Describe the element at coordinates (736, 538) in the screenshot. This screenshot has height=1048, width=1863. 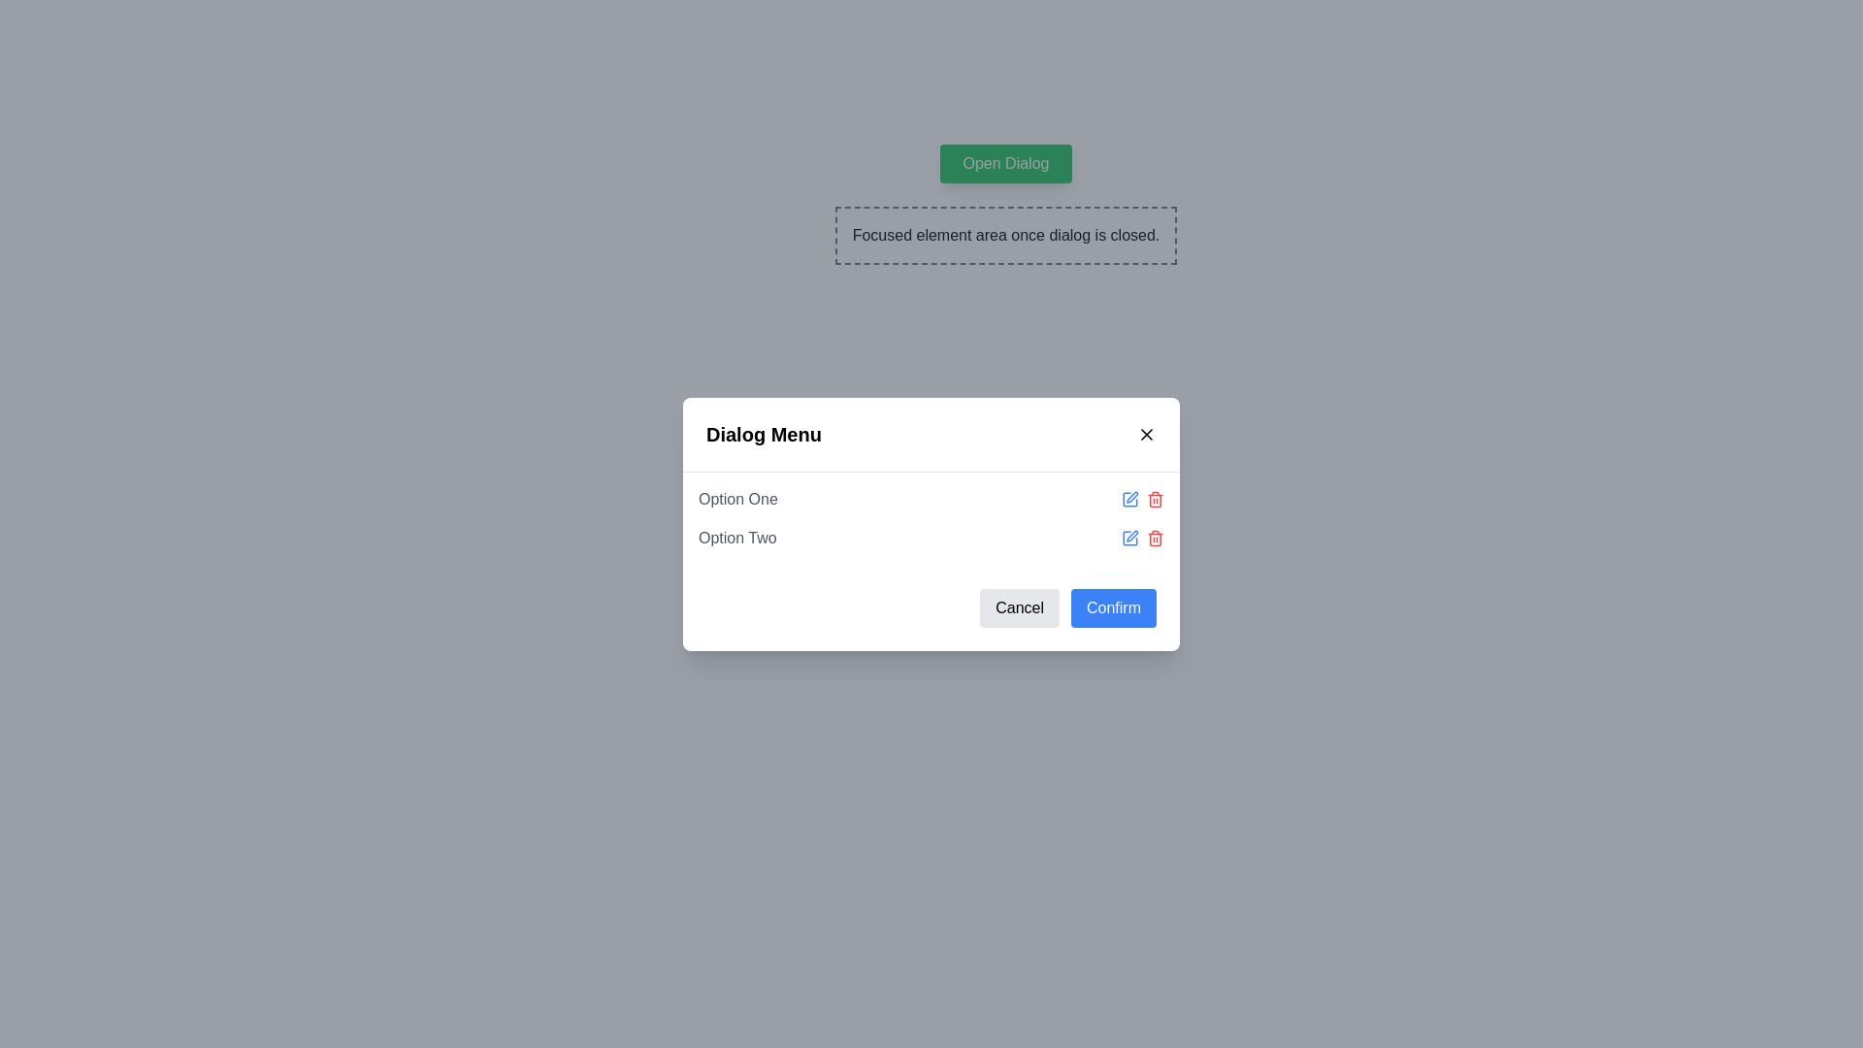
I see `the static text label displaying 'Option Two' in a gray font, which is located beneath the 'Option One' label within a dialog box` at that location.